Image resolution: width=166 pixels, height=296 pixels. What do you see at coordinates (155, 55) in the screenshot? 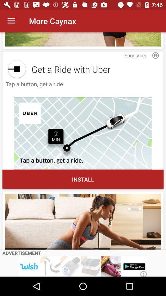
I see `show information about sponsored advertisement` at bounding box center [155, 55].